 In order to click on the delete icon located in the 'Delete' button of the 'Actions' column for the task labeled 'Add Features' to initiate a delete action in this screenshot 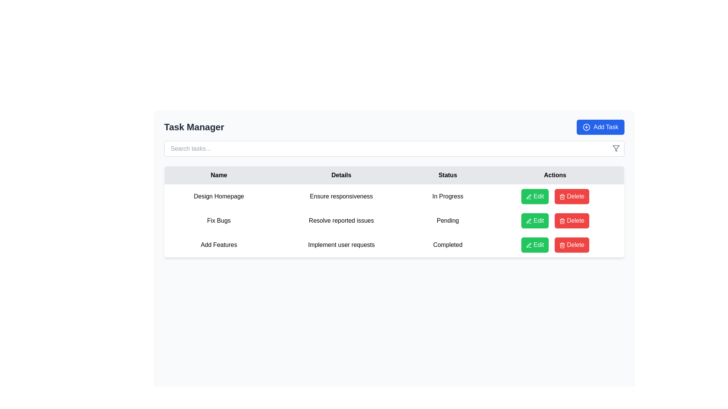, I will do `click(562, 196)`.